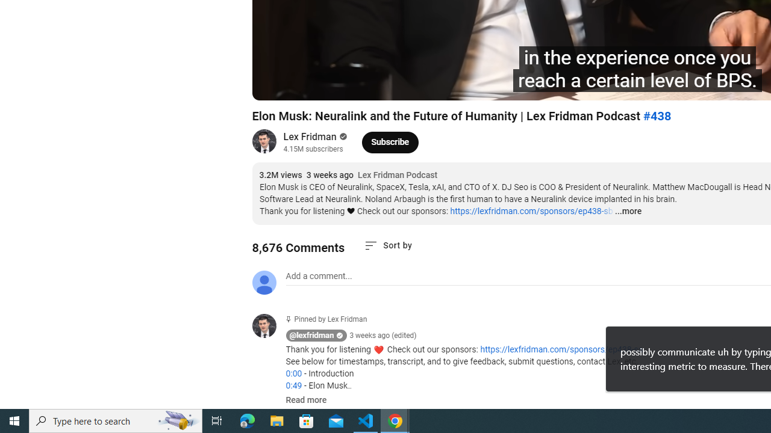 The image size is (771, 433). I want to click on '0:00', so click(293, 373).